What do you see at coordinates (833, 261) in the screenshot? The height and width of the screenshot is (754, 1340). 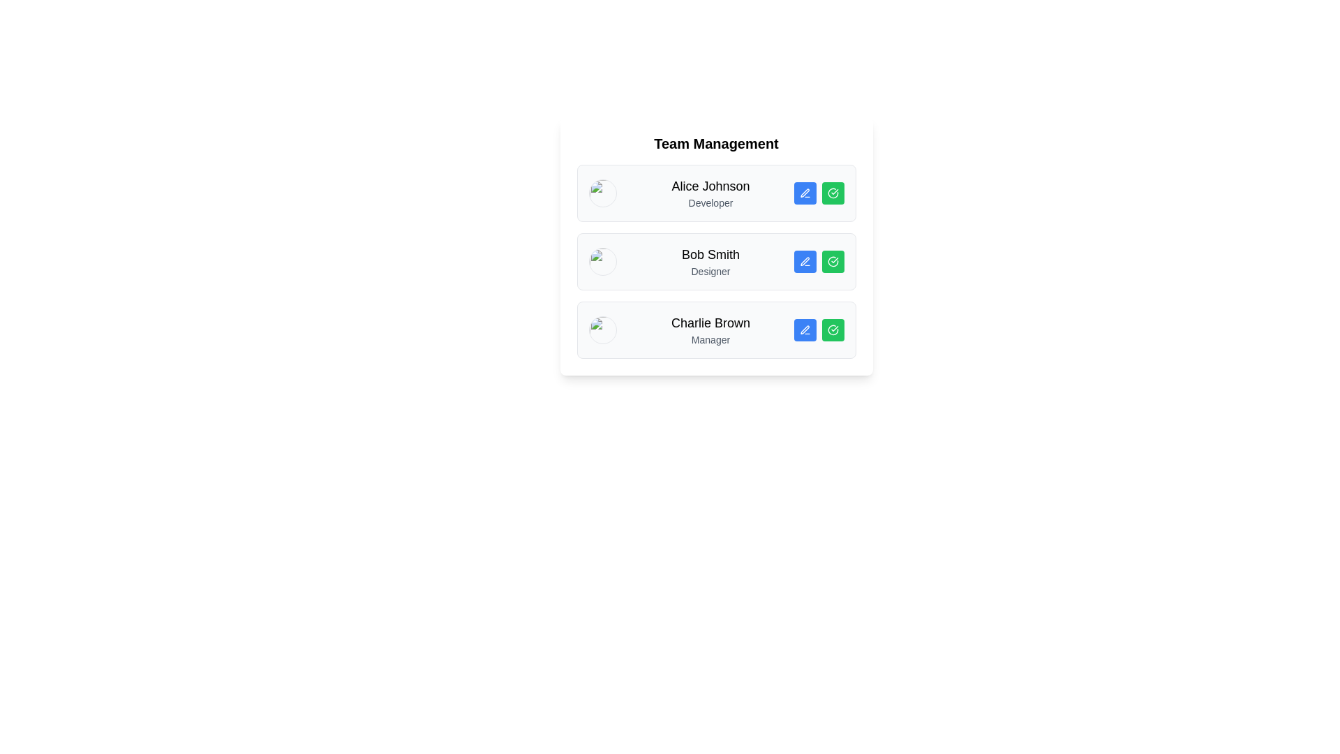 I see `the green filled circular icon with a thin outline located in the rightmost section of the second item in a vertical list of team members` at bounding box center [833, 261].